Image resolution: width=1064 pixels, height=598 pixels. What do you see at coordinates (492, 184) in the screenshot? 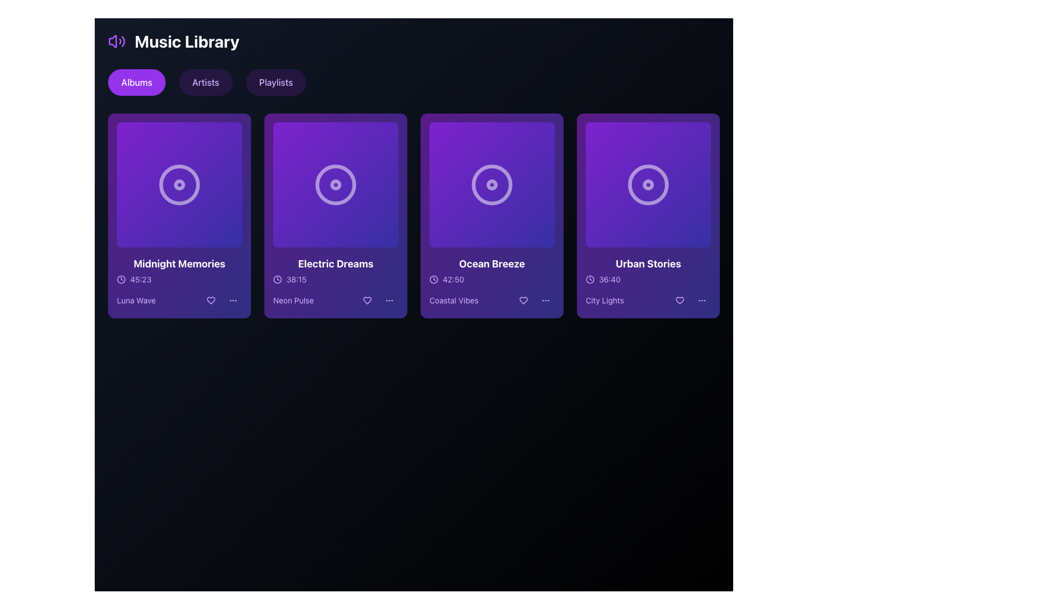
I see `the circular icon with a large outer ring and a smaller central fill, styled in white with partial transparency, located in the third card titled 'Ocean Breeze'` at bounding box center [492, 184].